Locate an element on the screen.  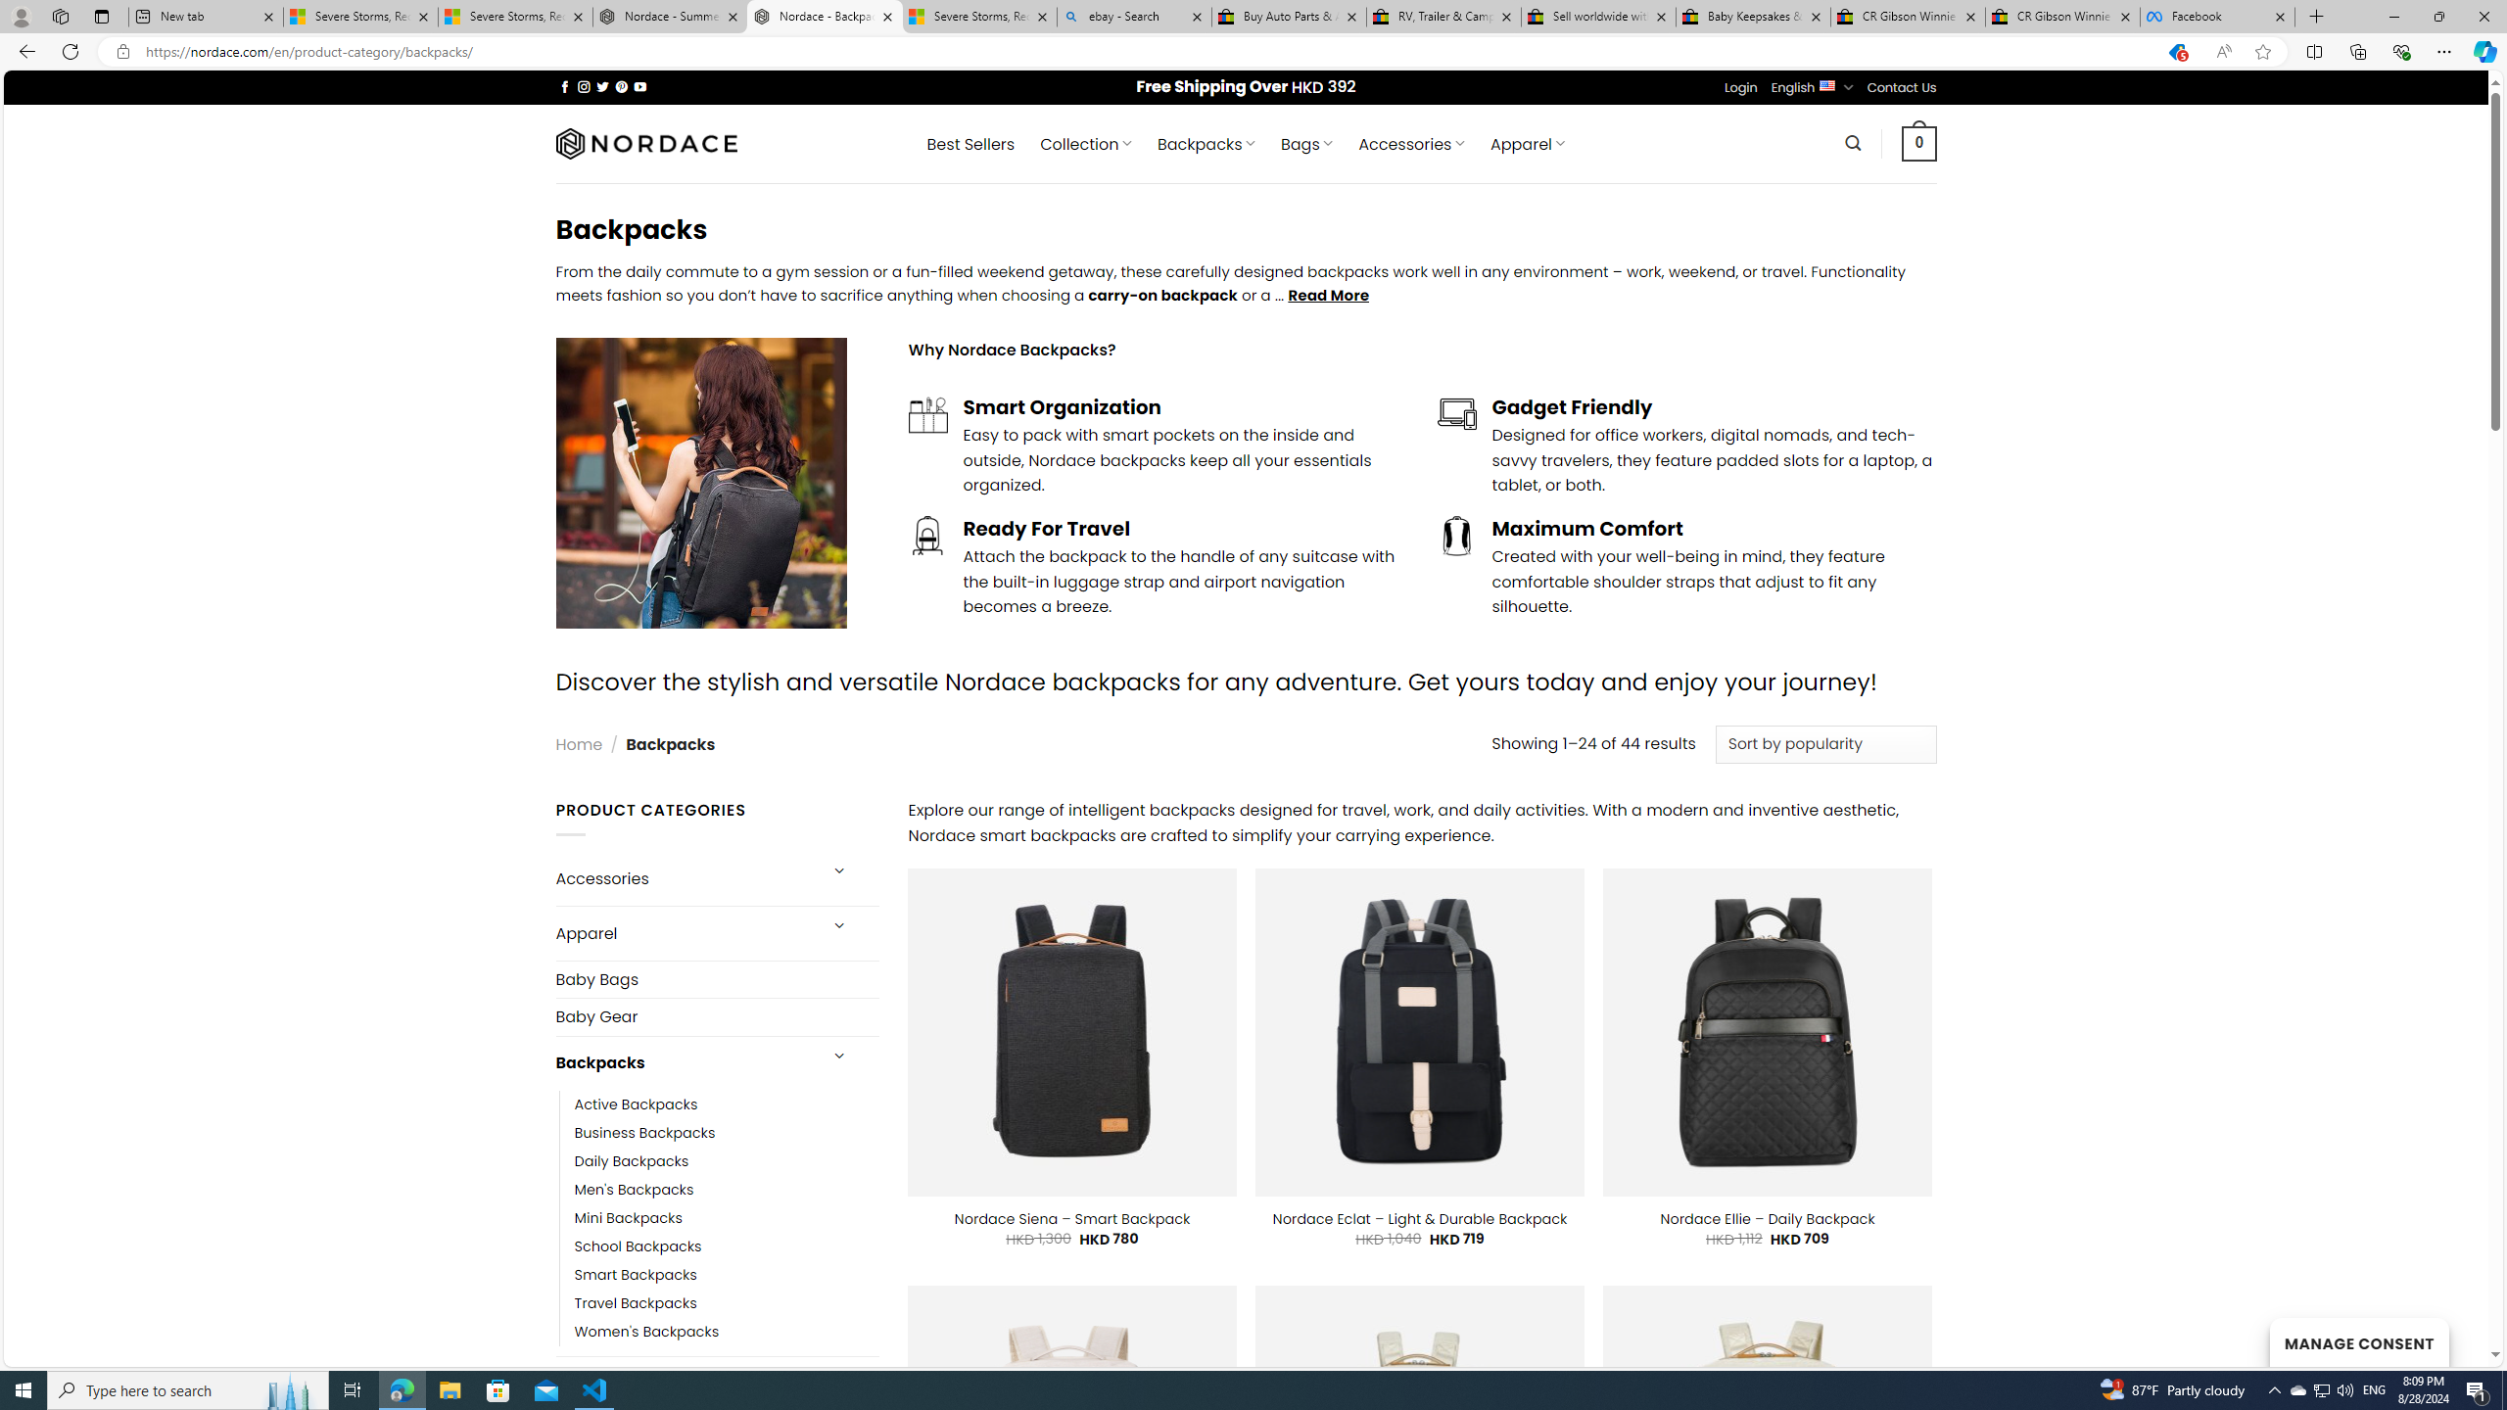
'Mini Backpacks' is located at coordinates (627, 1216).